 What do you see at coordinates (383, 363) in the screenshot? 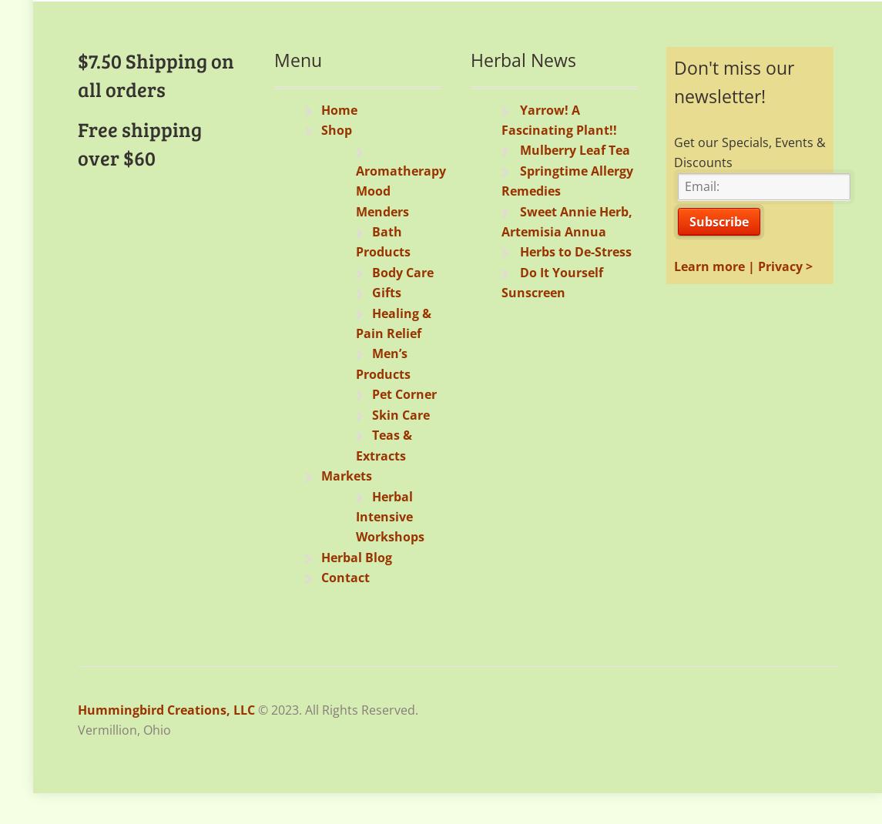
I see `'Men’s Products'` at bounding box center [383, 363].